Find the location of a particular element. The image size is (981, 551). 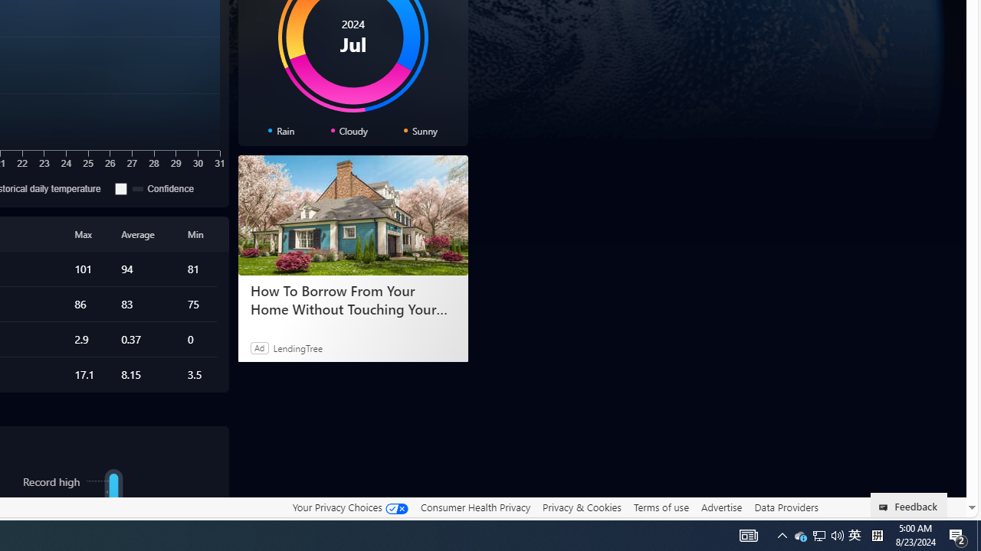

'Data Providers' is located at coordinates (786, 507).